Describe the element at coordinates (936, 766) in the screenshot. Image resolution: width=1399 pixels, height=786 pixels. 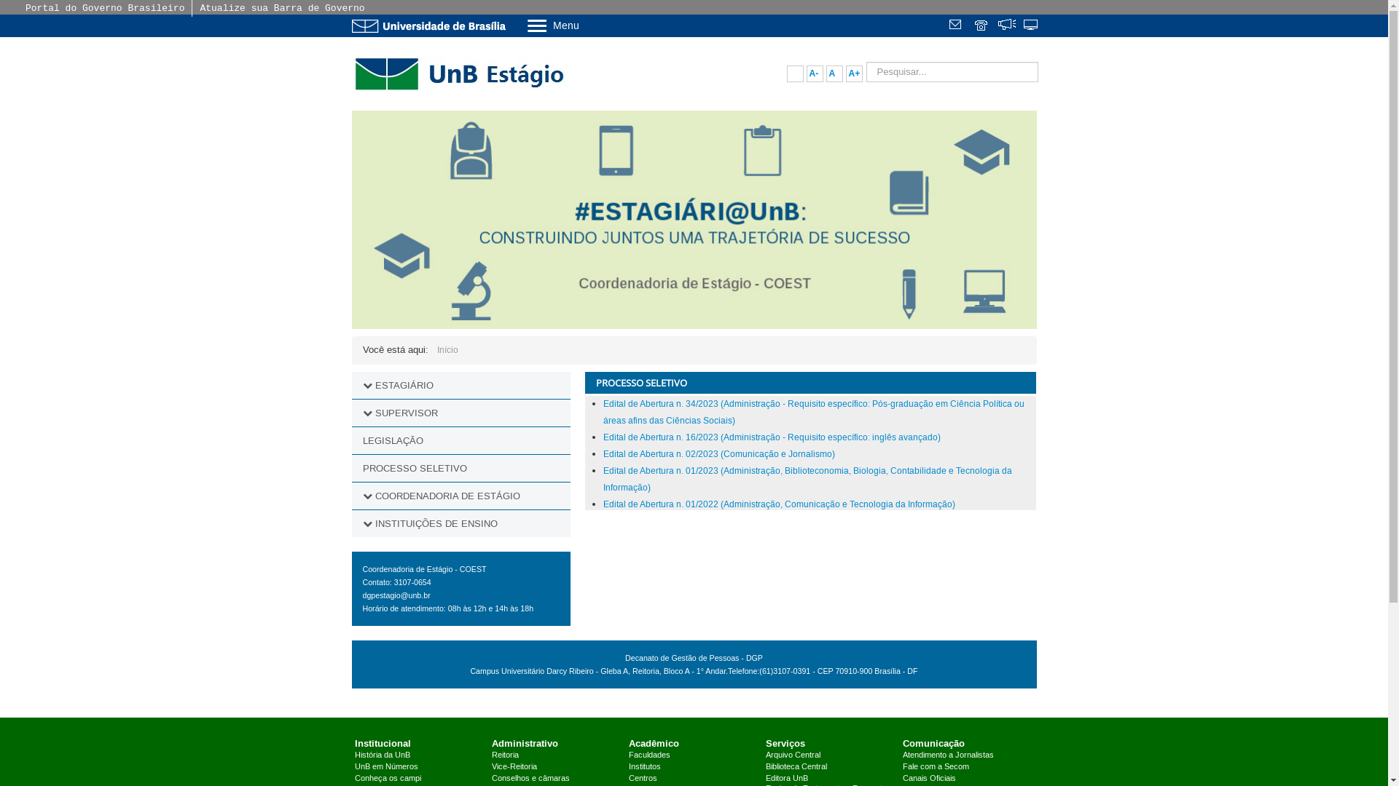
I see `'Fale com a Secom'` at that location.